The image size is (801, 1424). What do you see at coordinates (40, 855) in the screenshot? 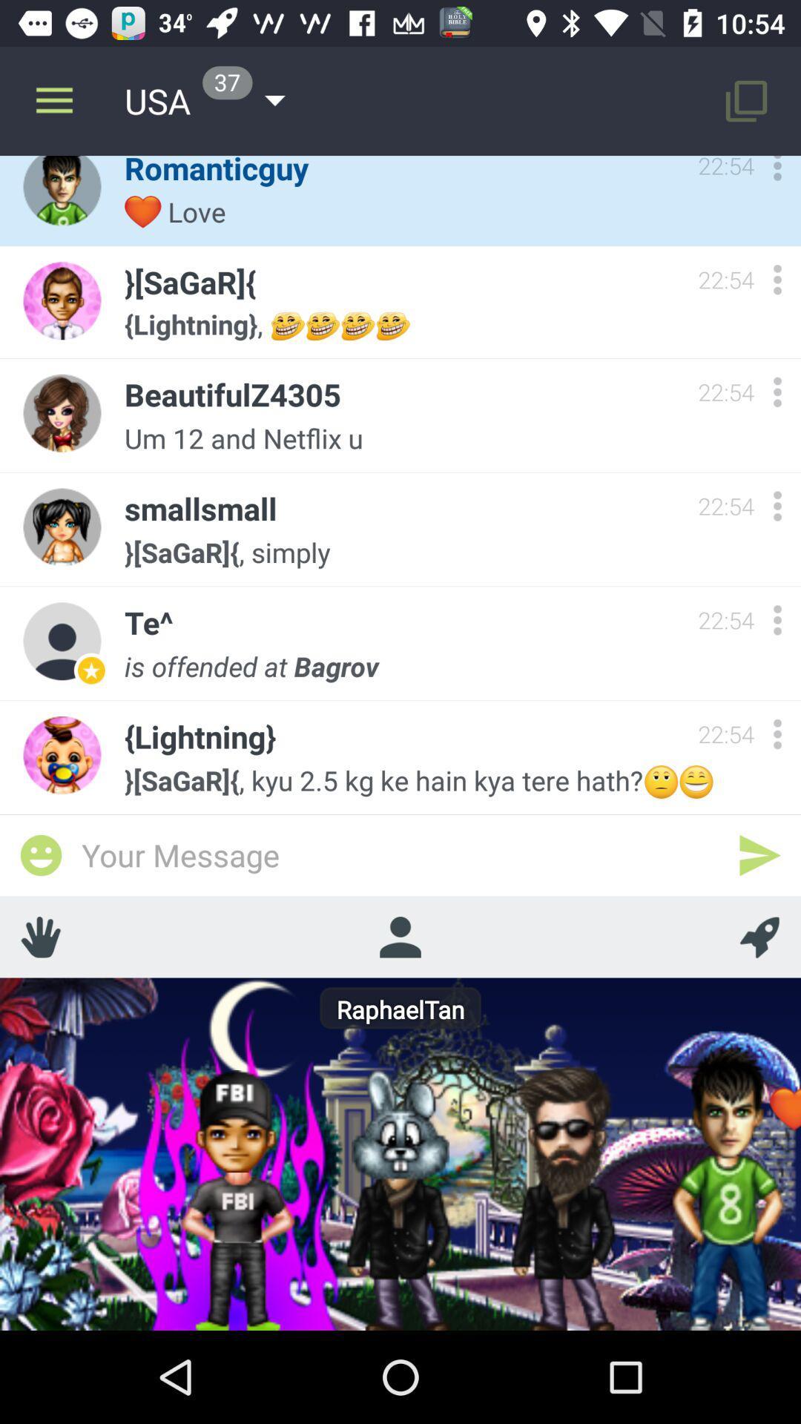
I see `share the article` at bounding box center [40, 855].